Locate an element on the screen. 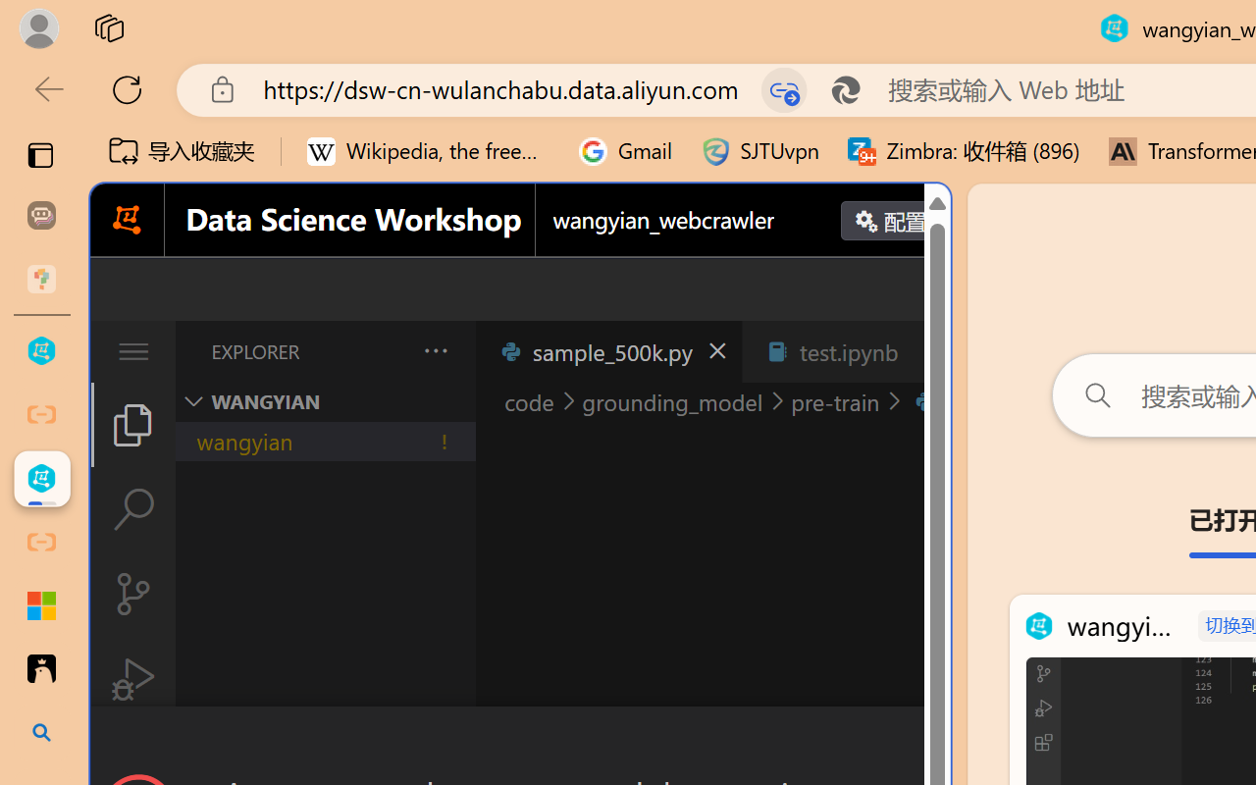  'Adjust indents and spacing - Microsoft Support' is located at coordinates (41, 605).